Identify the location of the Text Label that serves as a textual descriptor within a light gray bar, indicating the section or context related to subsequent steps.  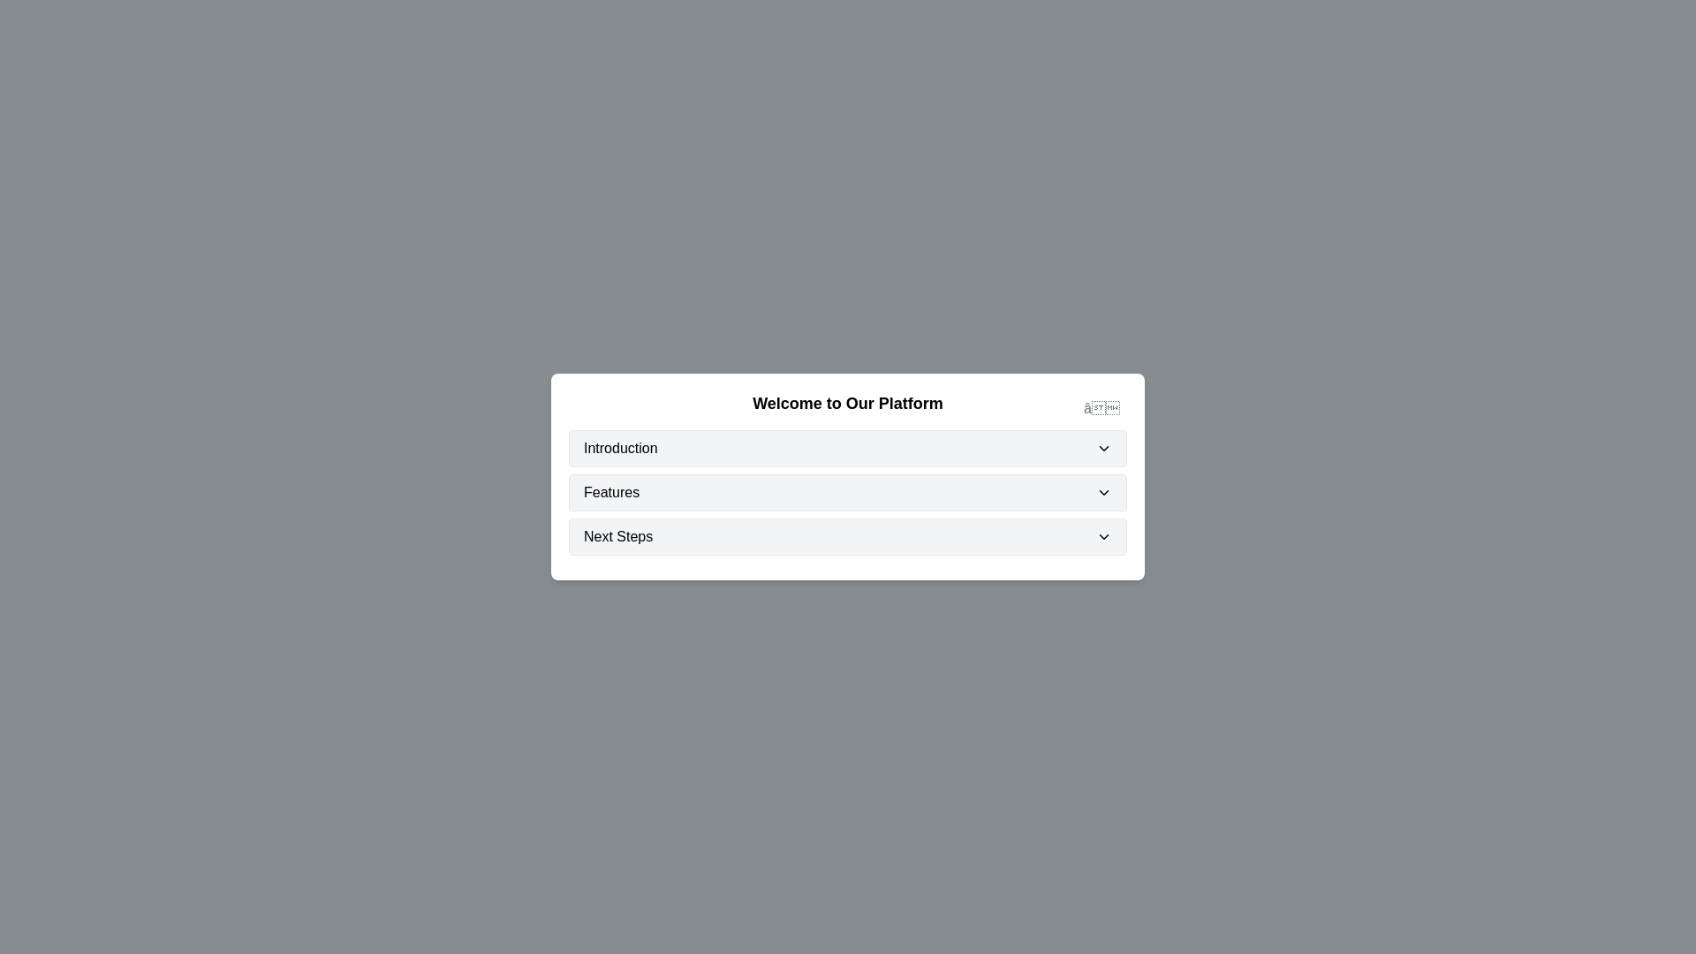
(618, 536).